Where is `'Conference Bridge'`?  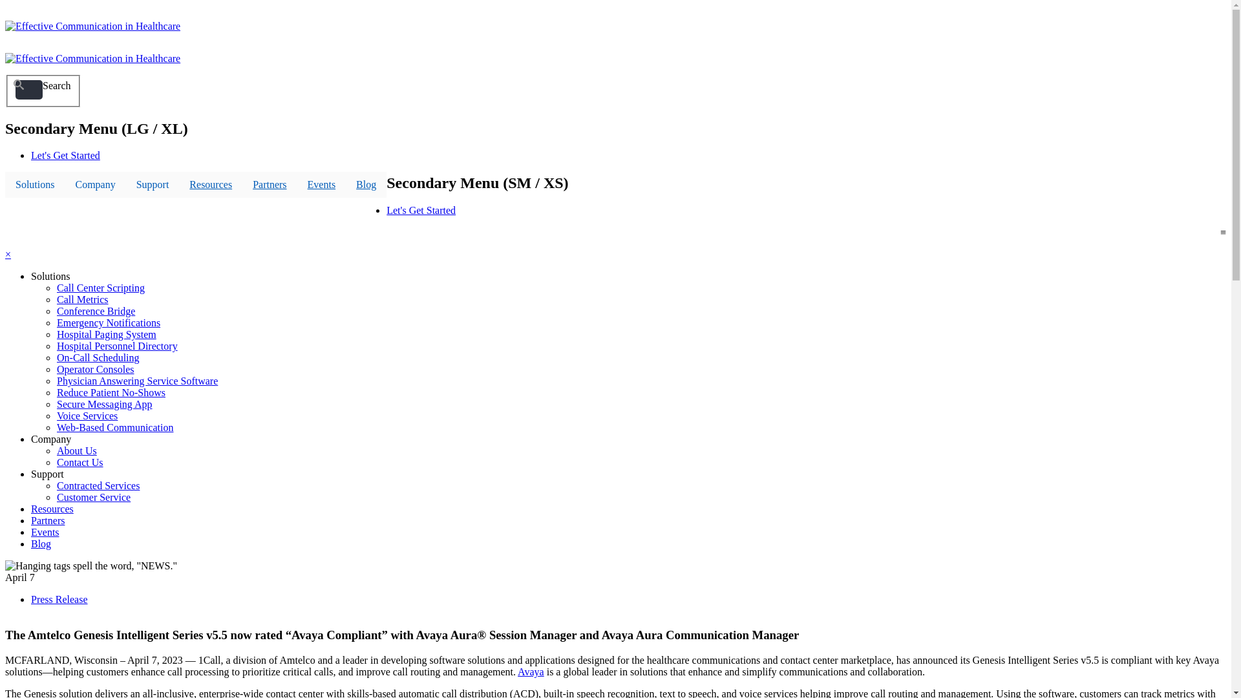 'Conference Bridge' is located at coordinates (95, 311).